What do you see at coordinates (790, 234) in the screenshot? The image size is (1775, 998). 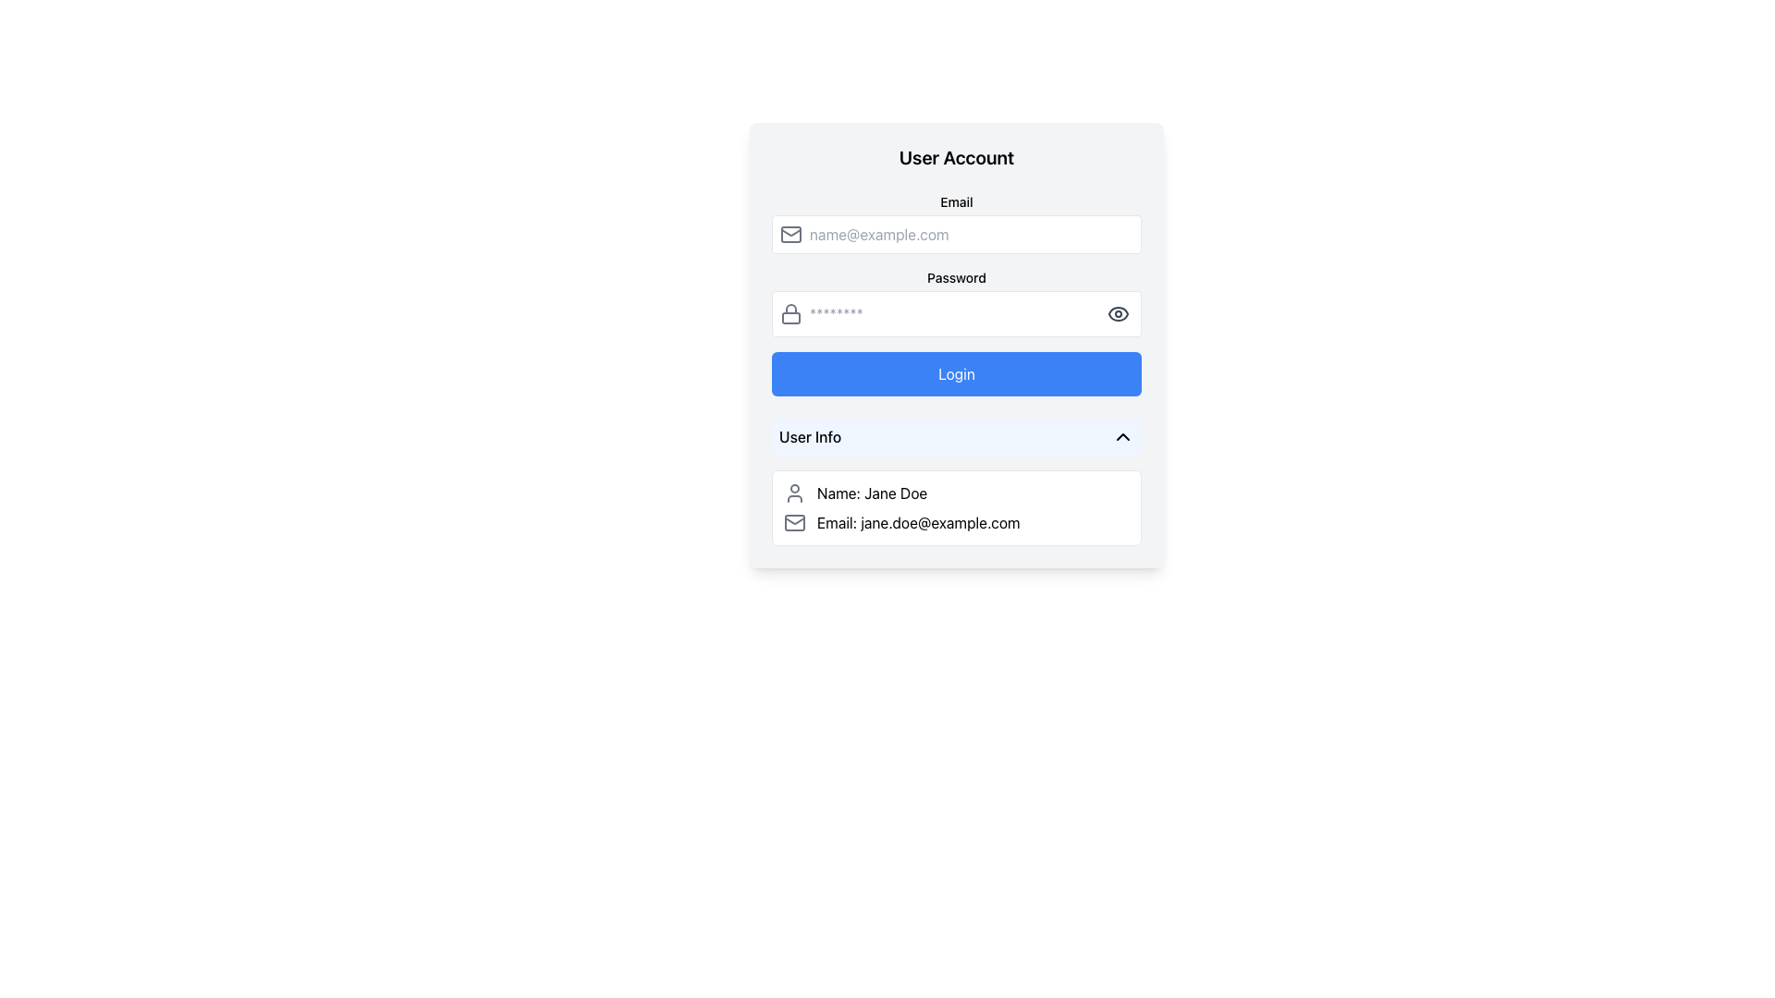 I see `the SVG rectangle element with rounded corners that is part of the mail envelope icon, located to the left of the email input field at the top of the account login interface` at bounding box center [790, 234].